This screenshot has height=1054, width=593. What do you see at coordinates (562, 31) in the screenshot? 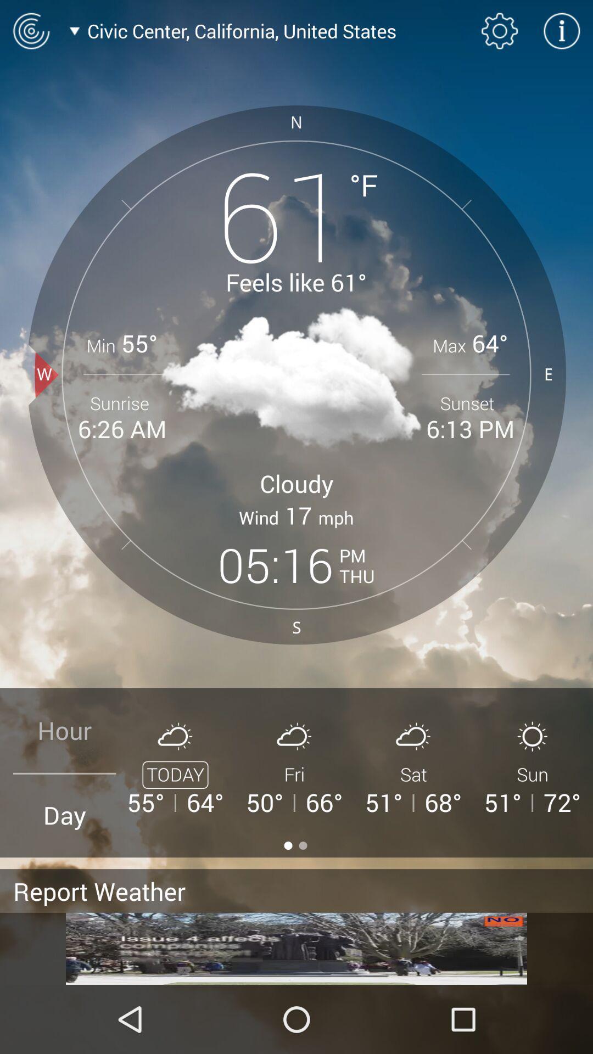
I see `click information icon` at bounding box center [562, 31].